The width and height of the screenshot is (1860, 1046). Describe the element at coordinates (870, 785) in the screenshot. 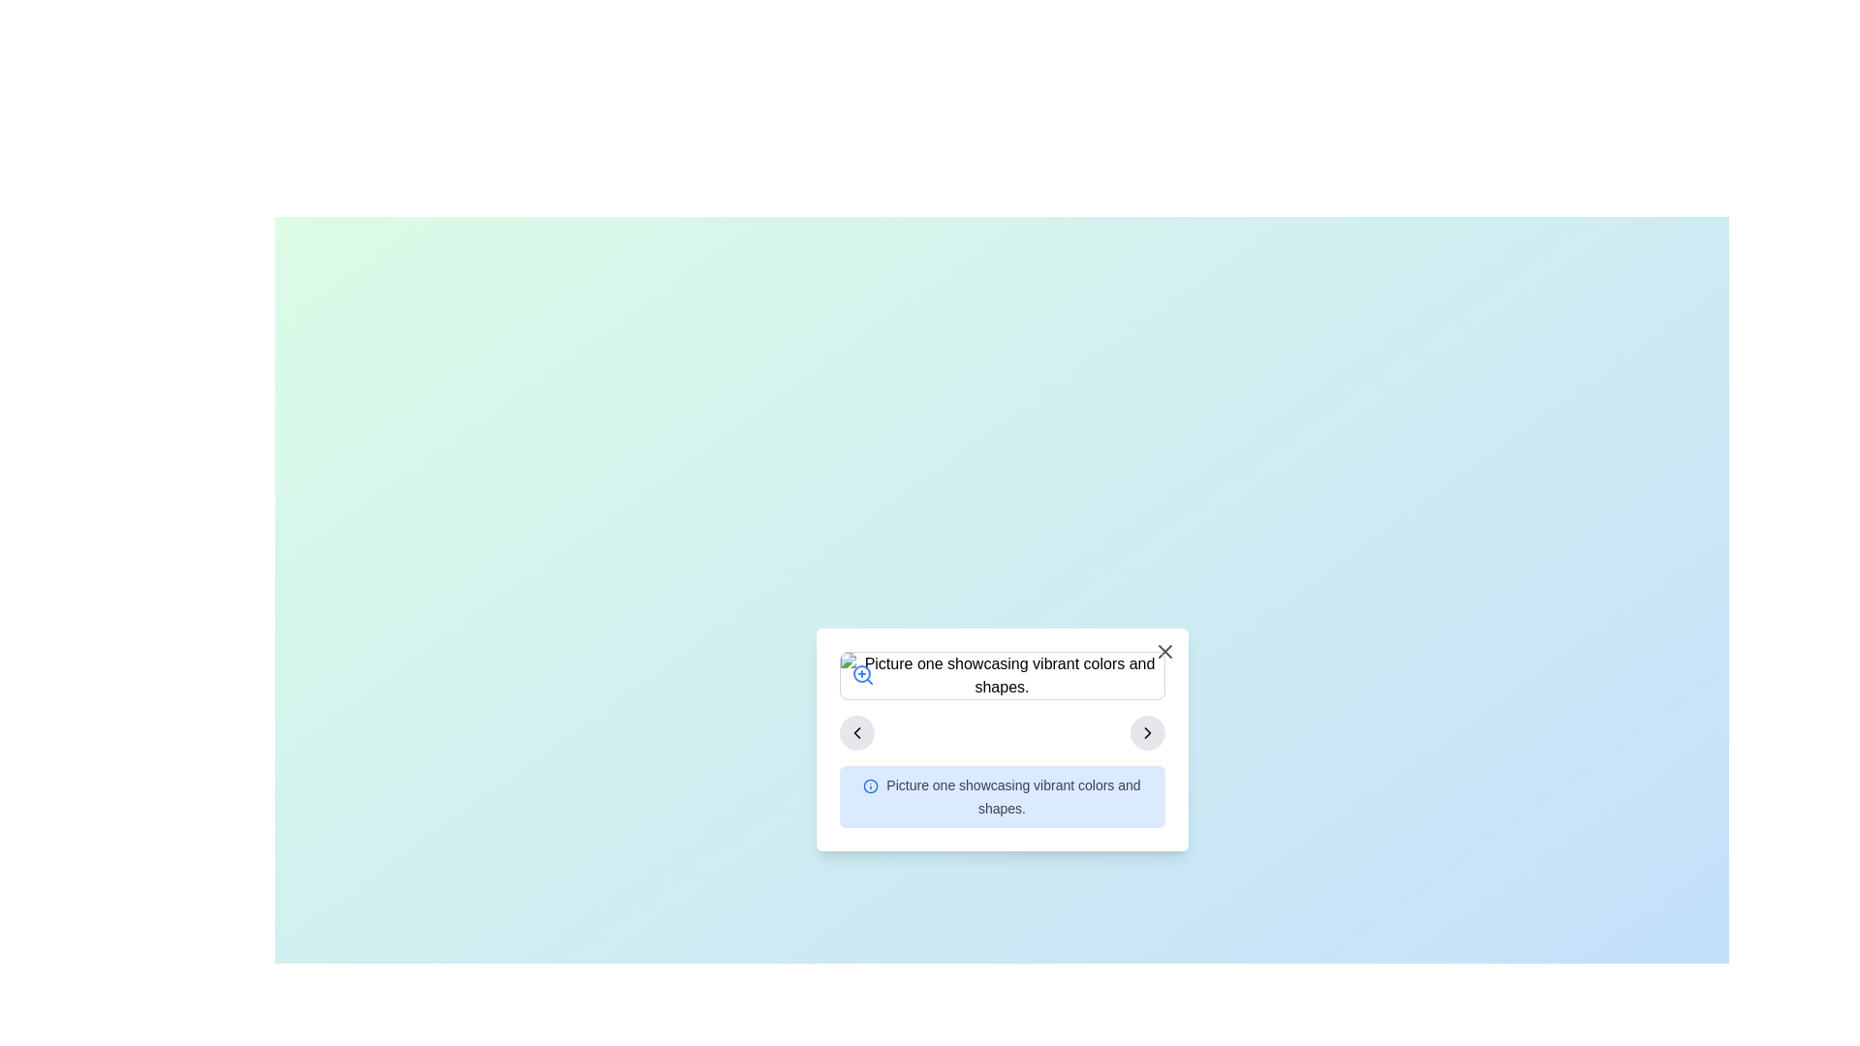

I see `the information icon located within the blue-highlighted box that precedes the text 'Picture one showcasing vibrant colors and shapes'` at that location.